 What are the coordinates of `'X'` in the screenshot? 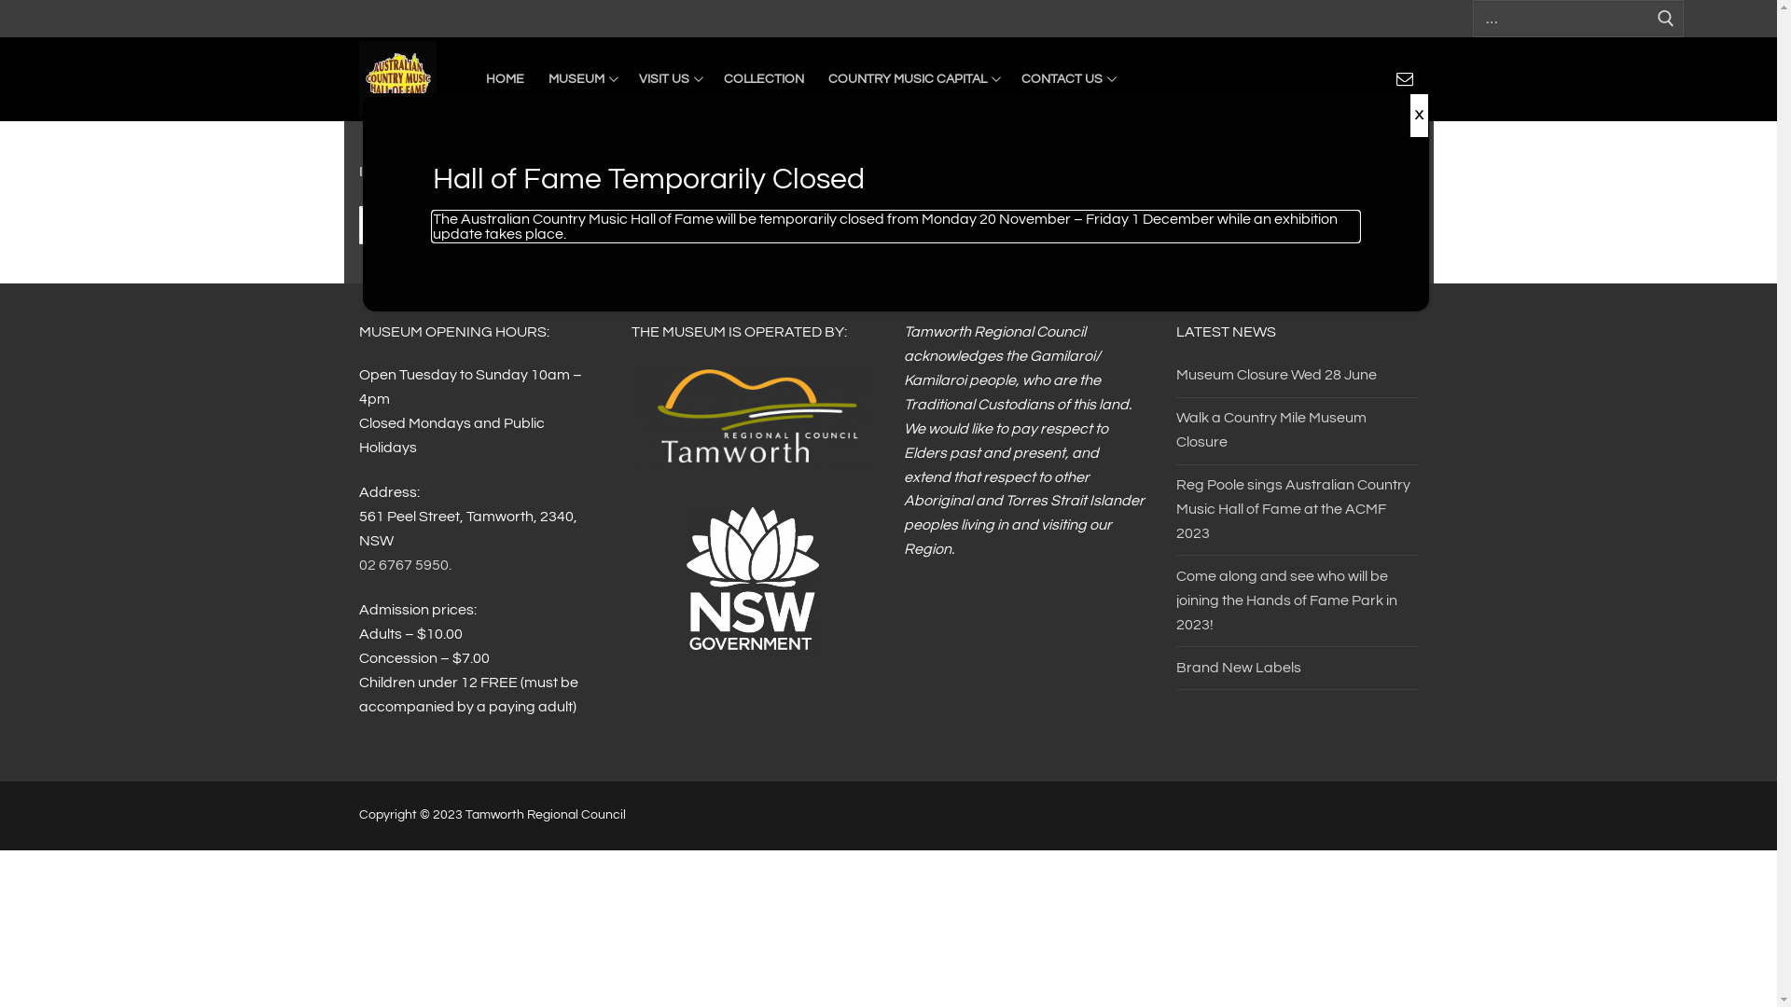 It's located at (1418, 115).